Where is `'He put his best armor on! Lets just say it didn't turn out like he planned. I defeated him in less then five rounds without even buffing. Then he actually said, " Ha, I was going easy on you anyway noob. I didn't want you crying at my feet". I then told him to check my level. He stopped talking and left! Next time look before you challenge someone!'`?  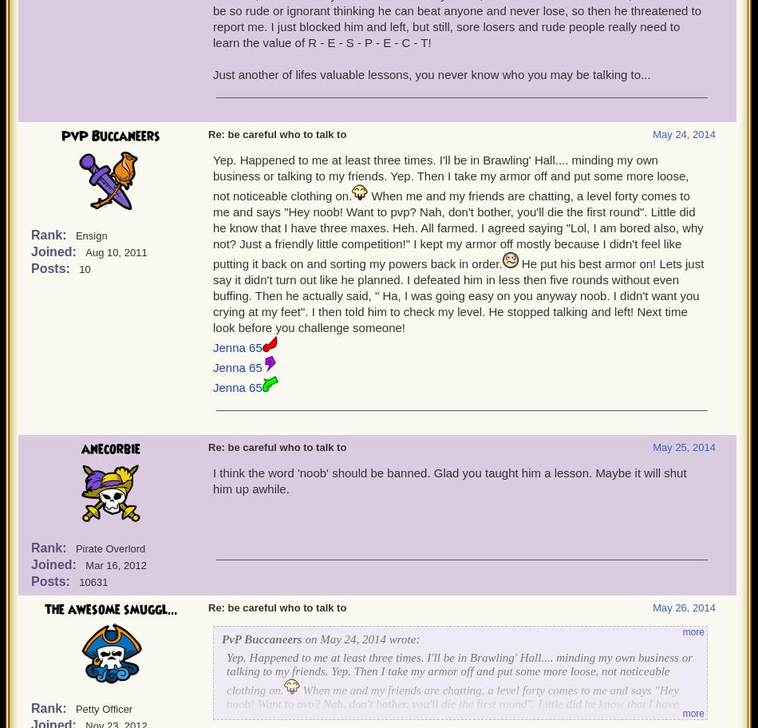 'He put his best armor on! Lets just say it didn't turn out like he planned. I defeated him in less then five rounds without even buffing. Then he actually said, " Ha, I was going easy on you anyway noob. I didn't want you crying at my feet". I then told him to check my level. He stopped talking and left! Next time look before you challenge someone!' is located at coordinates (458, 295).